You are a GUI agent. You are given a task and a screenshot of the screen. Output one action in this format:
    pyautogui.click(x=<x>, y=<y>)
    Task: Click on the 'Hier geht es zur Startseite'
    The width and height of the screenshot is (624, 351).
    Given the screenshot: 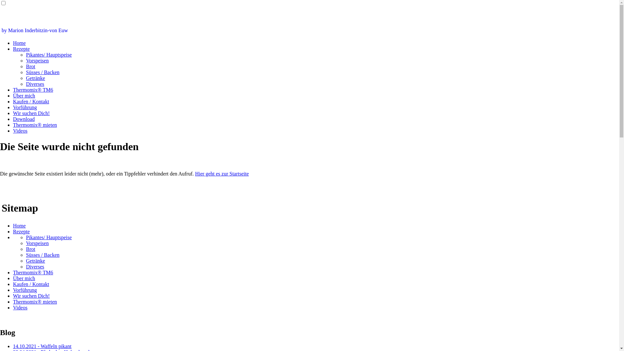 What is the action you would take?
    pyautogui.click(x=222, y=173)
    